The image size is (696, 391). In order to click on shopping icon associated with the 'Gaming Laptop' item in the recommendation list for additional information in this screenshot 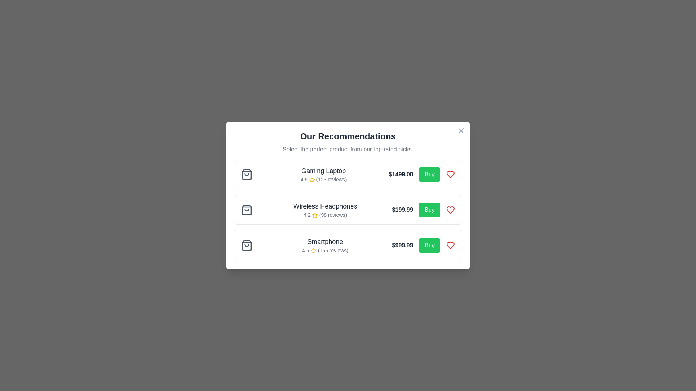, I will do `click(247, 175)`.